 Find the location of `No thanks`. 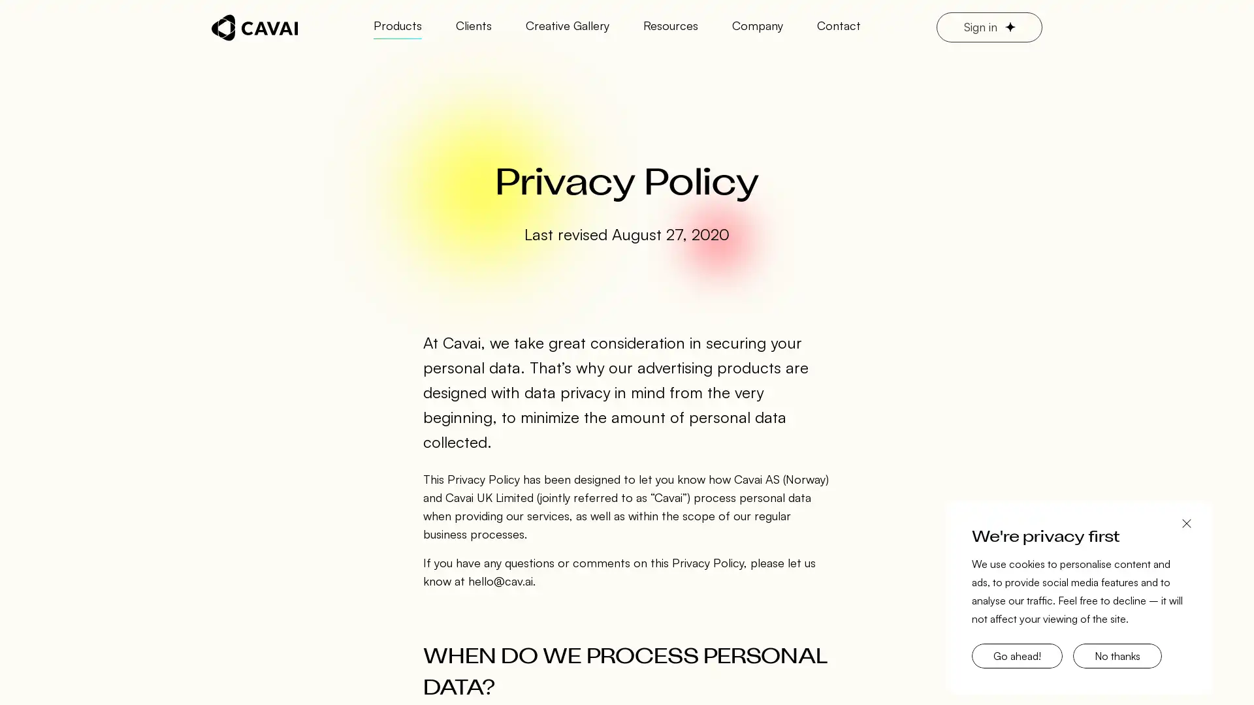

No thanks is located at coordinates (1116, 656).